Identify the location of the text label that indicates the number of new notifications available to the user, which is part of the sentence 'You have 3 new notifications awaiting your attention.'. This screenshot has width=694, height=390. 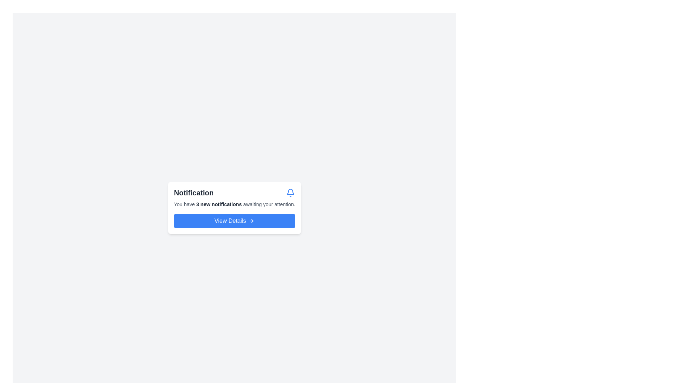
(218, 204).